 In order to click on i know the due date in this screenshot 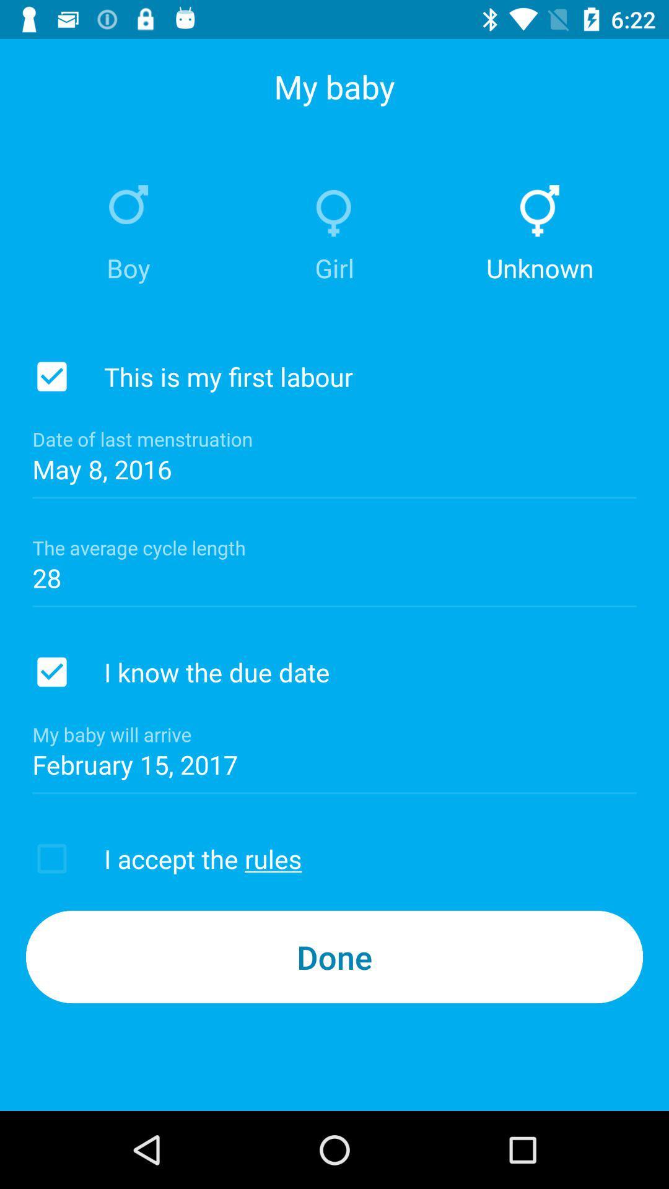, I will do `click(51, 671)`.